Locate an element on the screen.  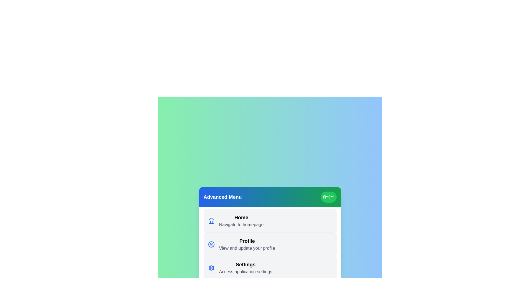
the menu item Profile from the list is located at coordinates (270, 244).